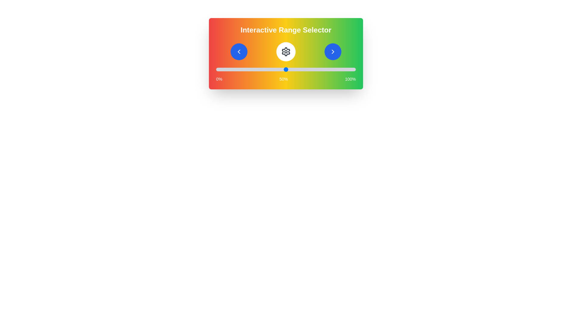  What do you see at coordinates (278, 69) in the screenshot?
I see `the slider to set the value to 45` at bounding box center [278, 69].